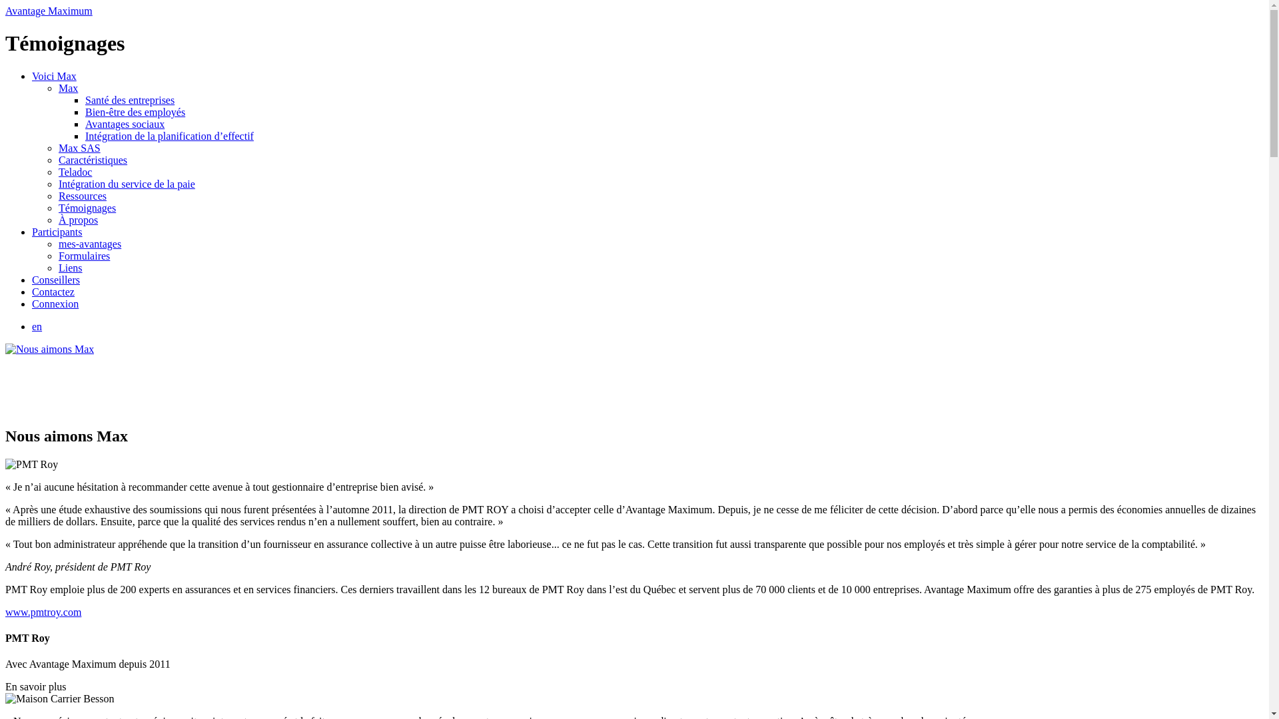 The height and width of the screenshot is (719, 1279). What do you see at coordinates (43, 612) in the screenshot?
I see `'www.pmtroy.com'` at bounding box center [43, 612].